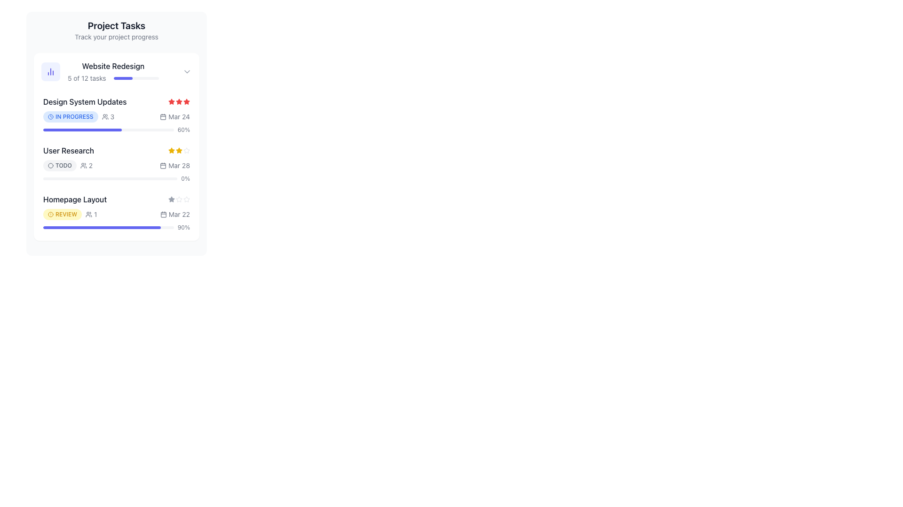  Describe the element at coordinates (74, 199) in the screenshot. I see `the text label reading 'Homepage Layout' which is styled with a medium font weight and dark gray color, located in the card titled 'Project Tasks' beneath 'User Research'` at that location.